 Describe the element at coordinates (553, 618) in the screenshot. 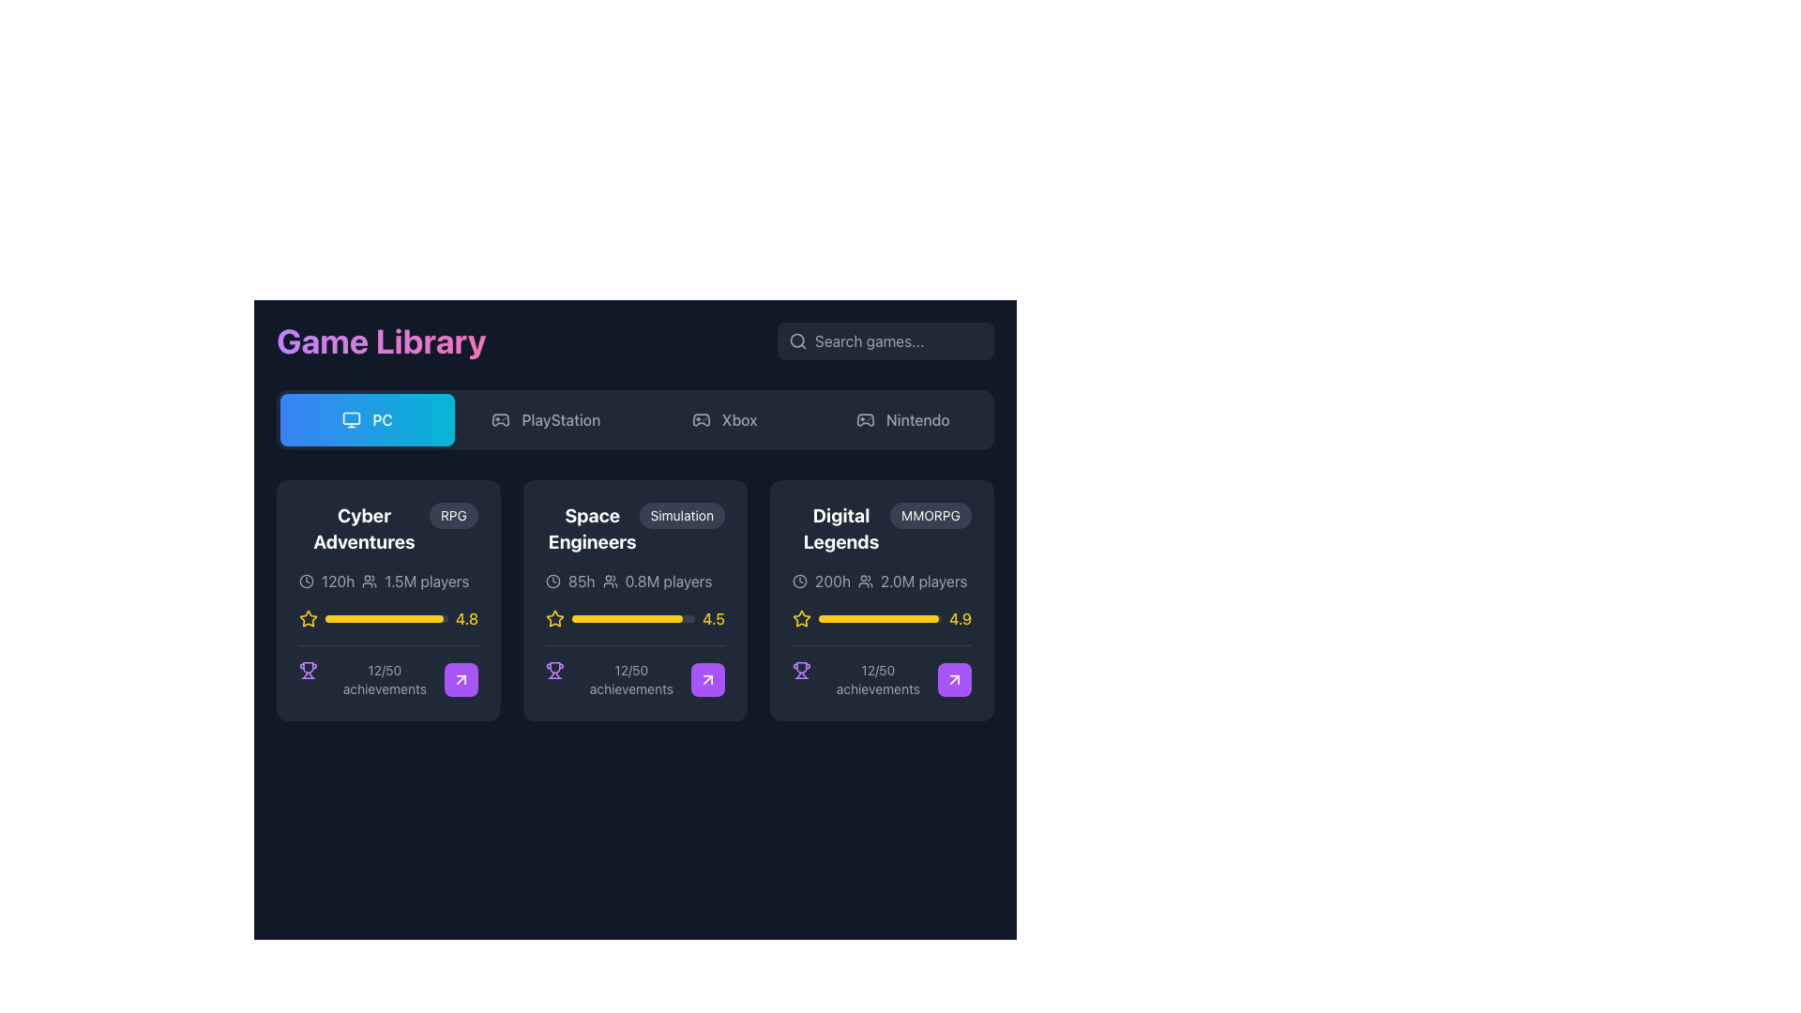

I see `the star icon with a yellow outline located in the 'Space Engineers' section, to the left of the text displaying '4.5'` at that location.